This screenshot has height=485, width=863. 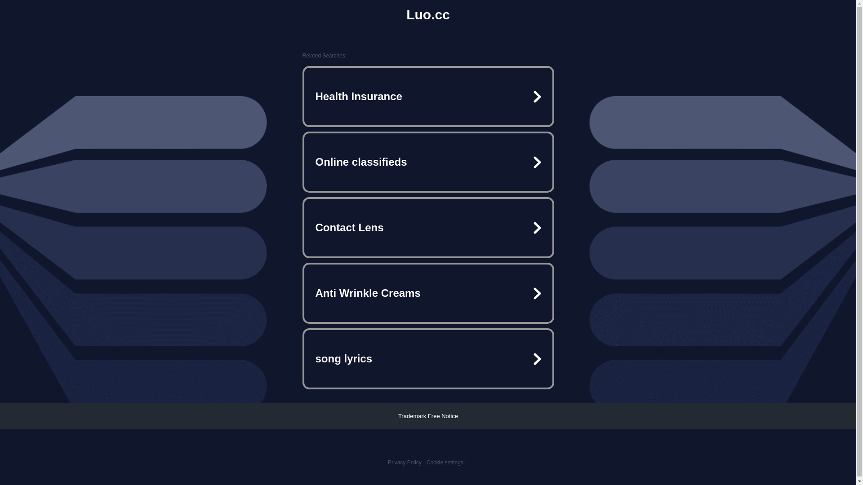 What do you see at coordinates (427, 15) in the screenshot?
I see `'Luo.cc'` at bounding box center [427, 15].